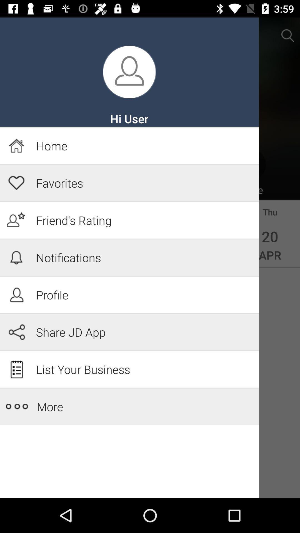 The image size is (300, 533). What do you see at coordinates (287, 35) in the screenshot?
I see `the search icon` at bounding box center [287, 35].